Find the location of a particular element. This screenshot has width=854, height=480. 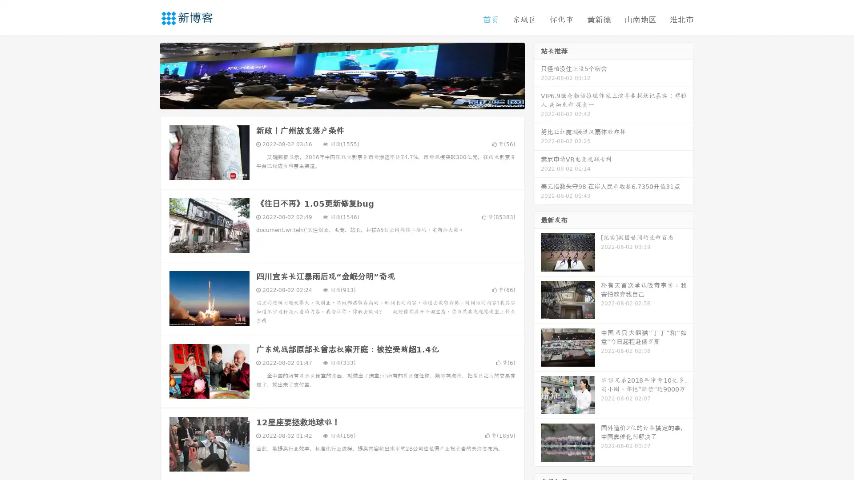

Go to slide 1 is located at coordinates (333, 100).